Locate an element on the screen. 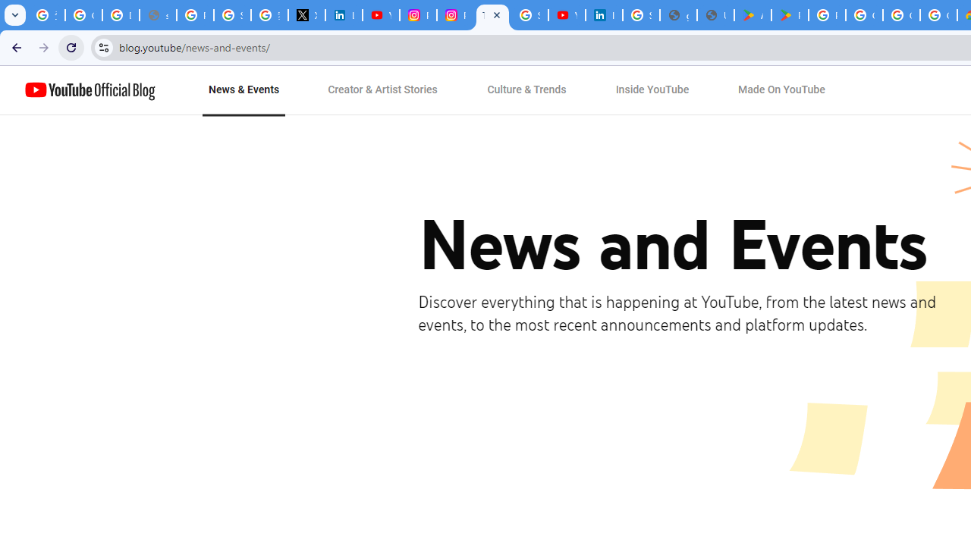 The image size is (971, 546). 'PAW Patrol Rescue World - Apps on Google Play' is located at coordinates (789, 15).